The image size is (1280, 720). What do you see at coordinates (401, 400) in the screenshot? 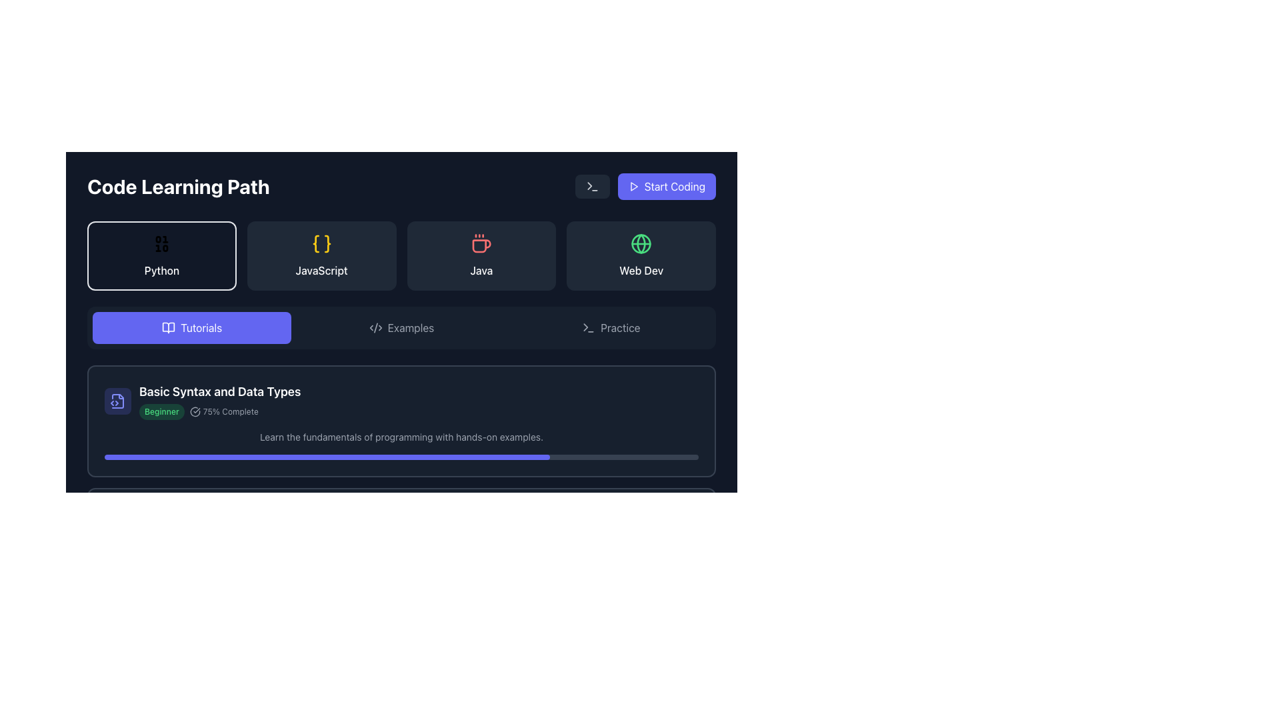
I see `the Text and informational display titled 'Basic Syntax and Data Types'` at bounding box center [401, 400].